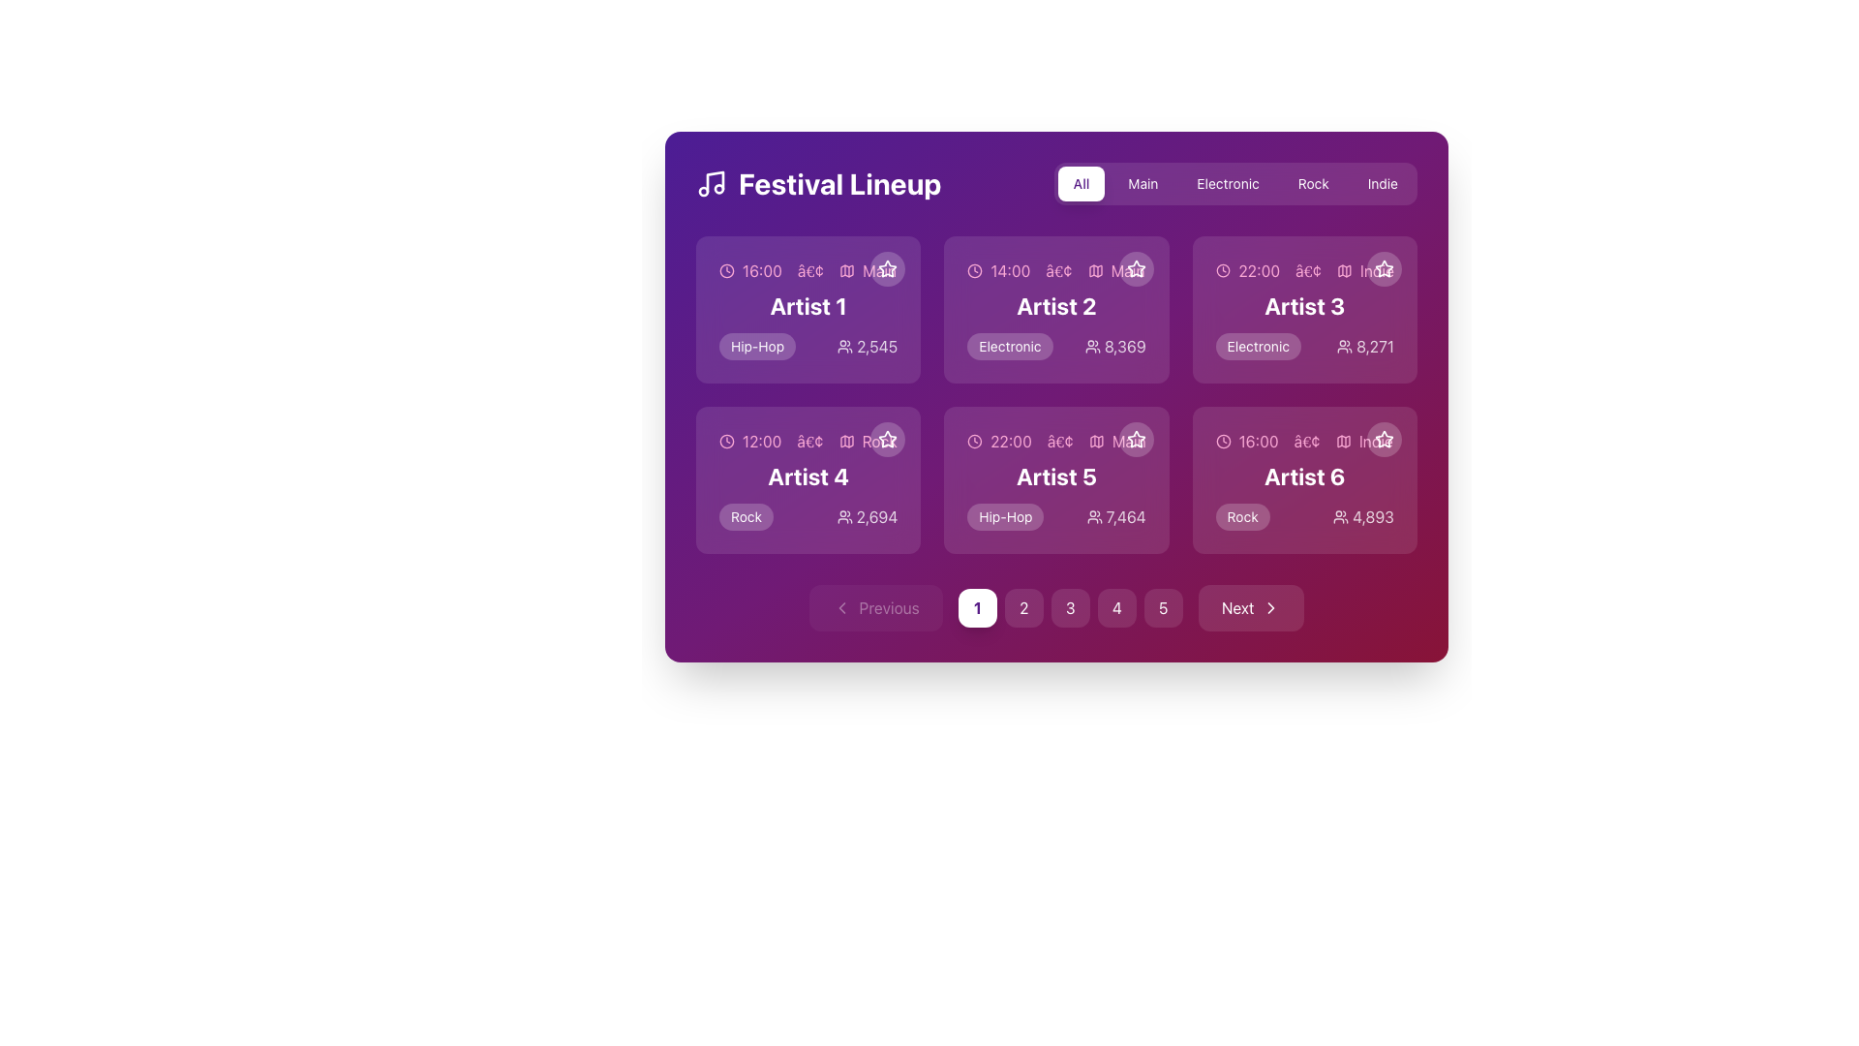 This screenshot has height=1046, width=1859. Describe the element at coordinates (1384, 268) in the screenshot. I see `the star-shaped icon within the white circular button in the top-right corner of the 'Artist 3' card to favorite the associated artist` at that location.